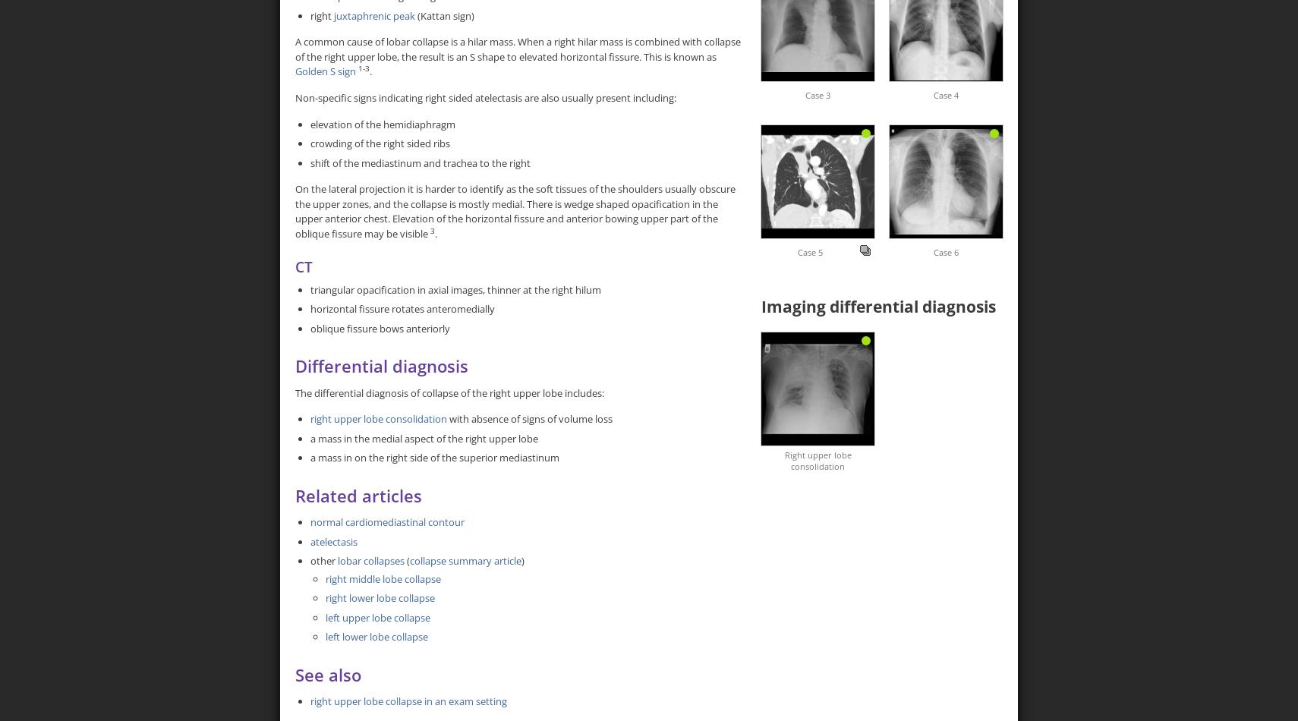  I want to click on 'collapse summary article', so click(465, 560).